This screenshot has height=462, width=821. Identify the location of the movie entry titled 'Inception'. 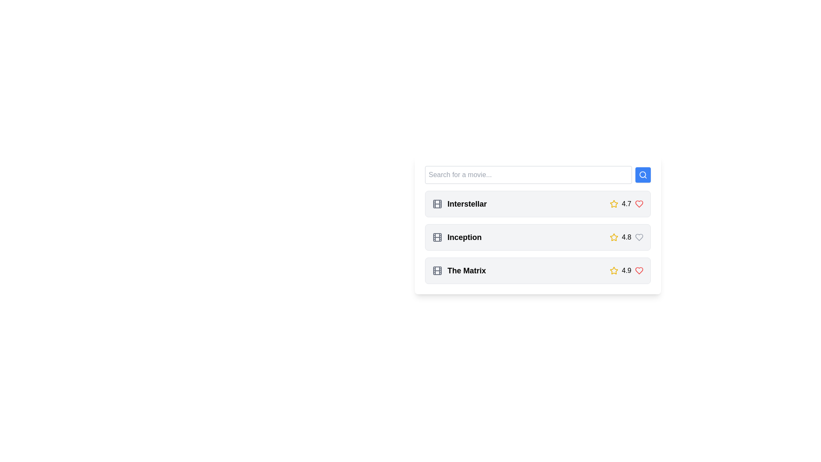
(456, 237).